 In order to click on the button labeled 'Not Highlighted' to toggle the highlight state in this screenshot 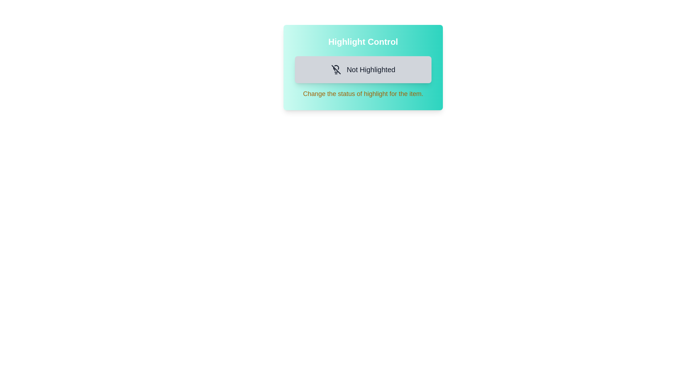, I will do `click(363, 70)`.